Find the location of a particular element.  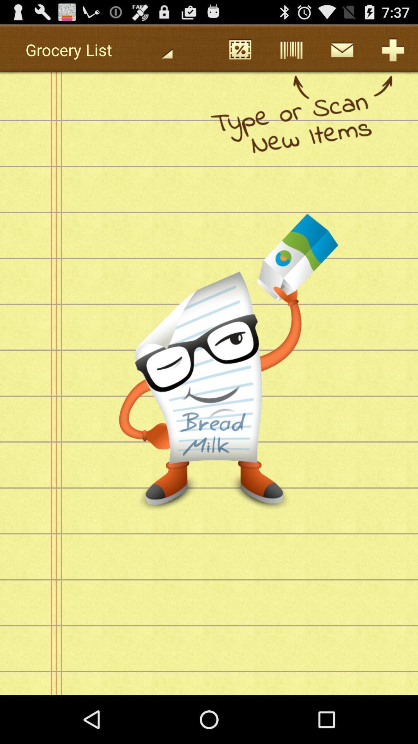

the add icon is located at coordinates (392, 53).